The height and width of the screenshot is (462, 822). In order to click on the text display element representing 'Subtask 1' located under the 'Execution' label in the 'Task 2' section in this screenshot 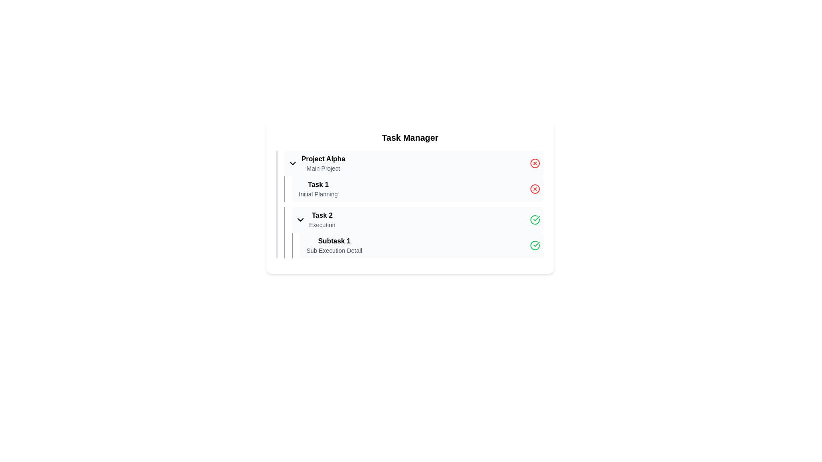, I will do `click(332, 246)`.